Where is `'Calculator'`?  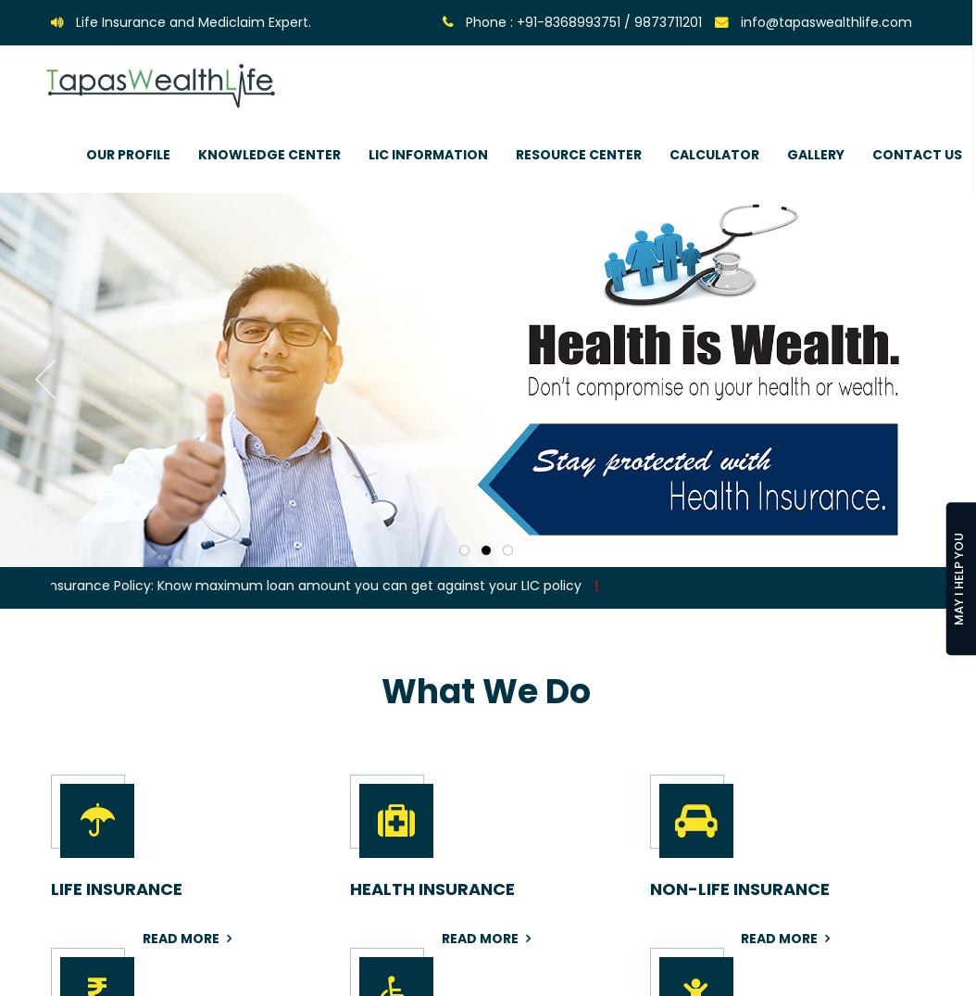 'Calculator' is located at coordinates (714, 154).